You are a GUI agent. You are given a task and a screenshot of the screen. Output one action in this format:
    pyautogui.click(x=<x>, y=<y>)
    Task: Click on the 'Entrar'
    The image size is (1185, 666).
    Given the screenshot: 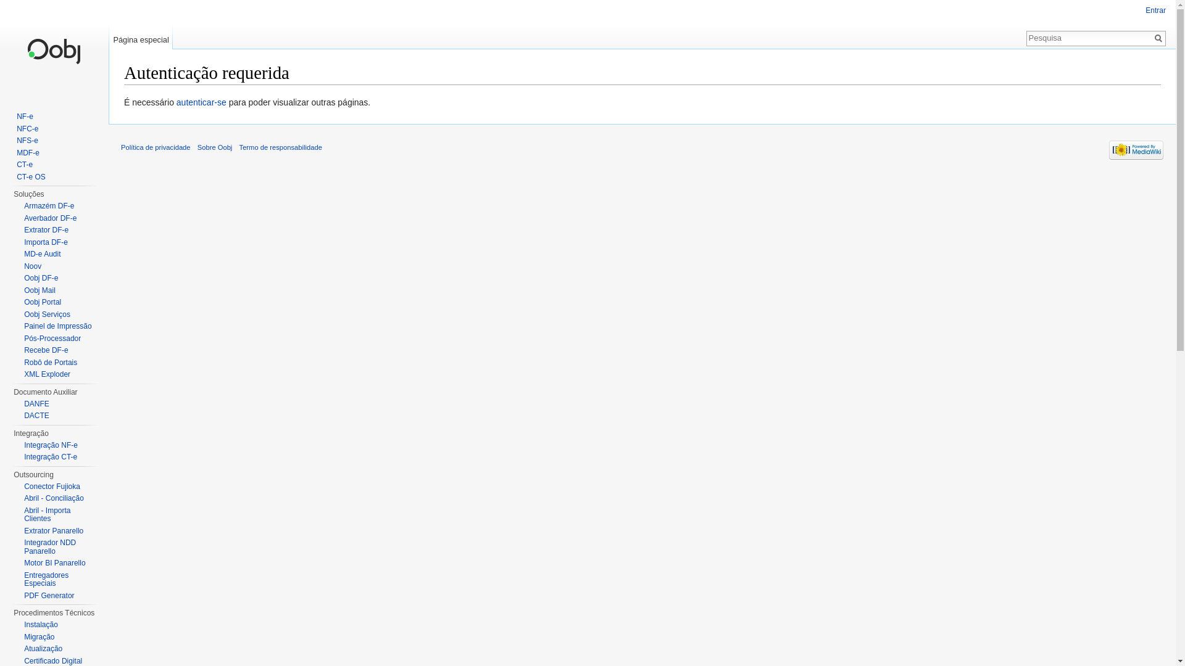 What is the action you would take?
    pyautogui.click(x=1155, y=10)
    